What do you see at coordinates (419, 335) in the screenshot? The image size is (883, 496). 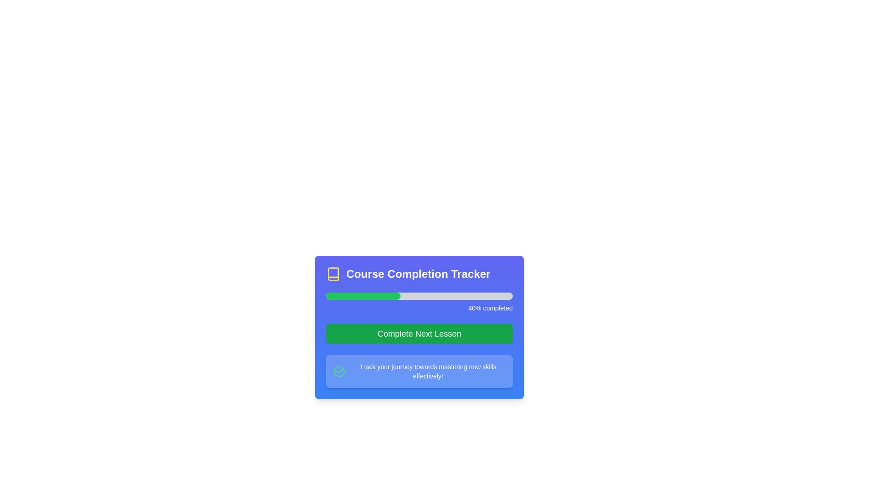 I see `course progress from the 'Course Completion Tracker' module, which features a gradient blue background and a progress bar indicating 40% completion` at bounding box center [419, 335].